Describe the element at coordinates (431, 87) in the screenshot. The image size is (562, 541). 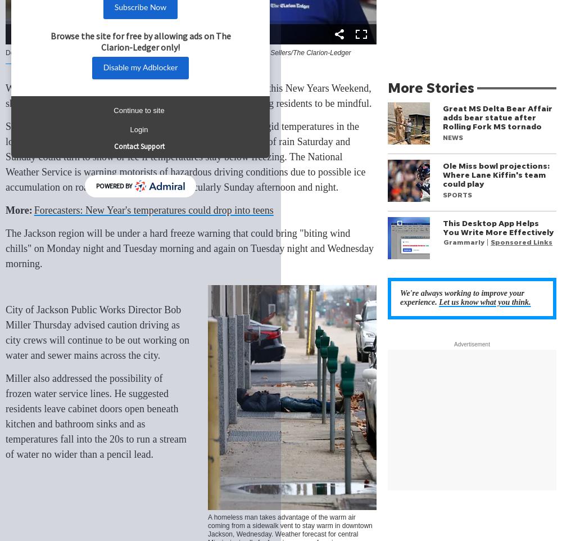
I see `'More Stories'` at that location.